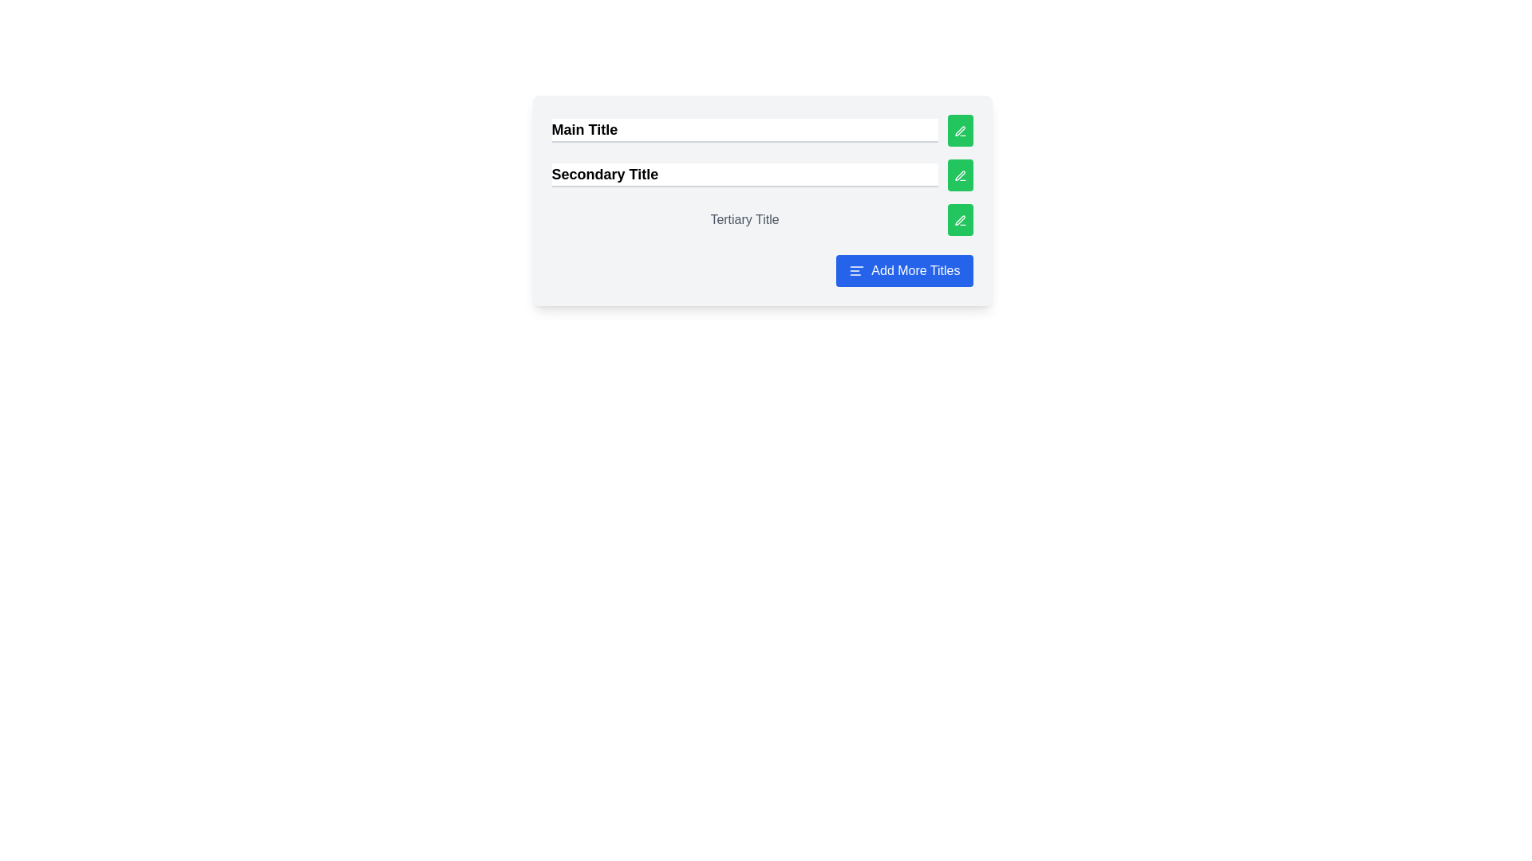 This screenshot has height=861, width=1532. I want to click on the blue button with rounded corners labeled 'Add More Titles', so click(904, 269).